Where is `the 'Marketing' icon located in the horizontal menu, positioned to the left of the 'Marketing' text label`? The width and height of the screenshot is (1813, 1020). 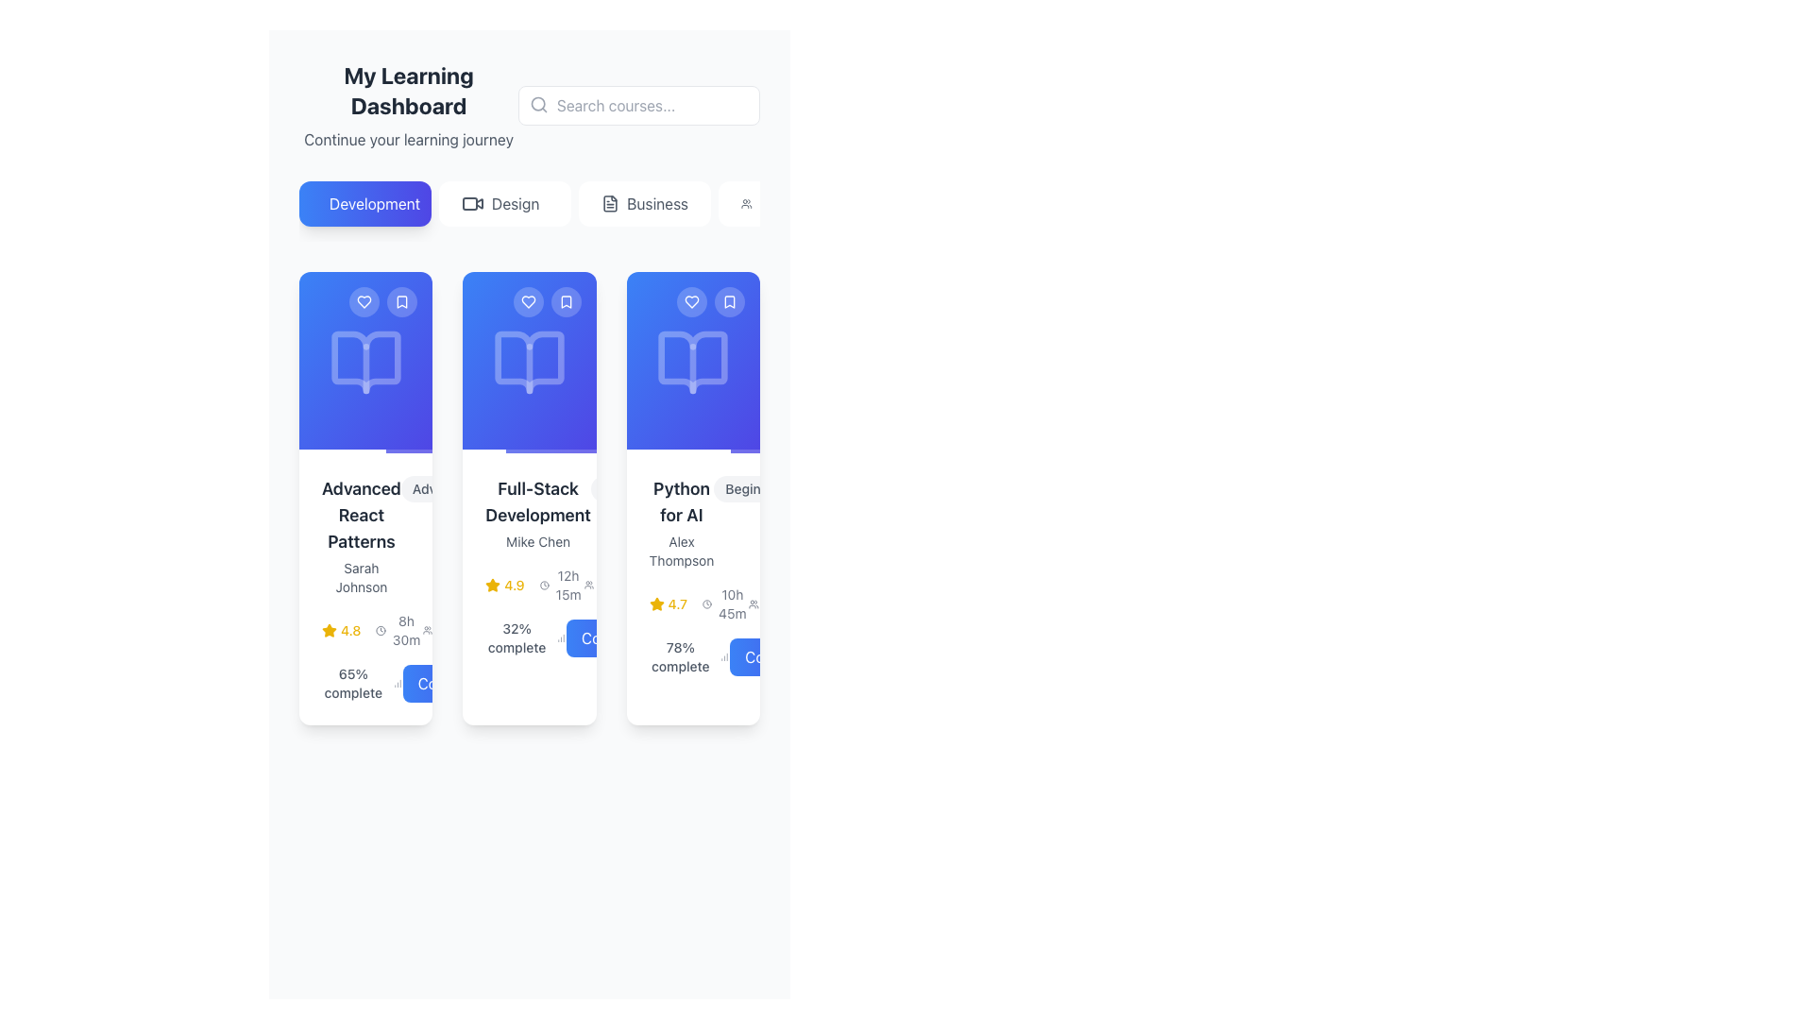 the 'Marketing' icon located in the horizontal menu, positioned to the left of the 'Marketing' text label is located at coordinates (745, 204).